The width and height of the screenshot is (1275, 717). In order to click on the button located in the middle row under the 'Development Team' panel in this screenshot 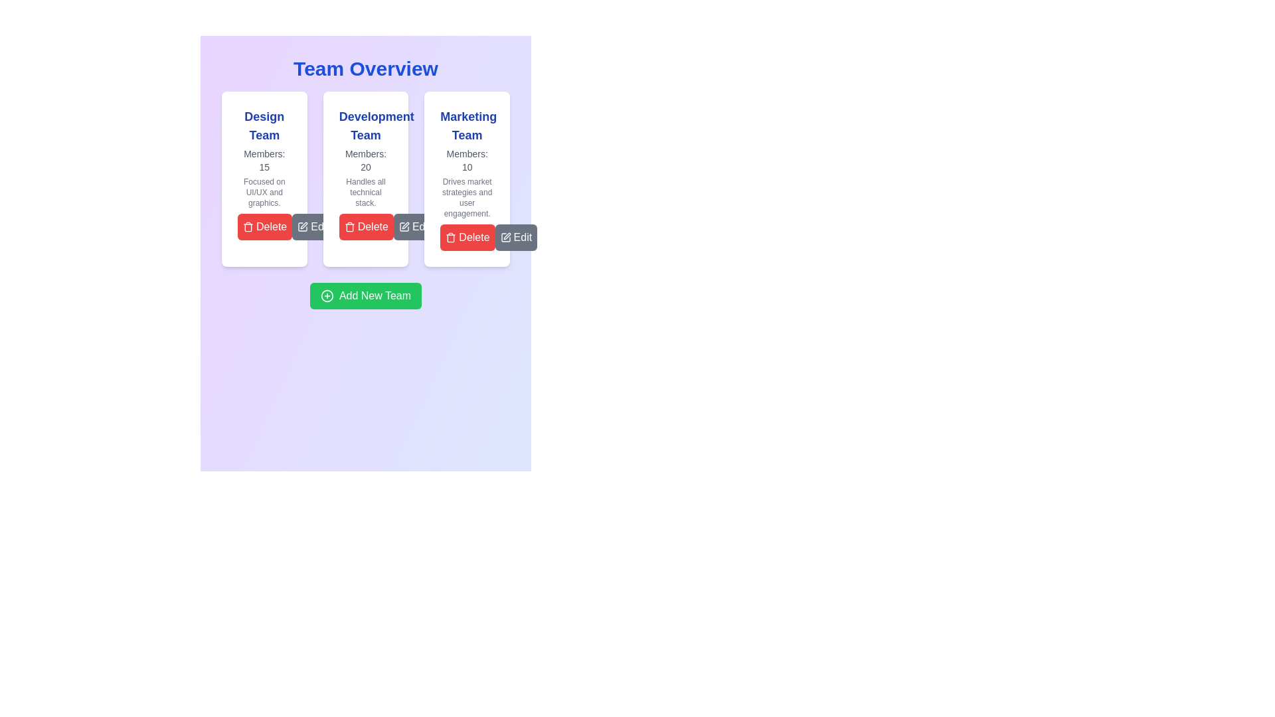, I will do `click(414, 226)`.